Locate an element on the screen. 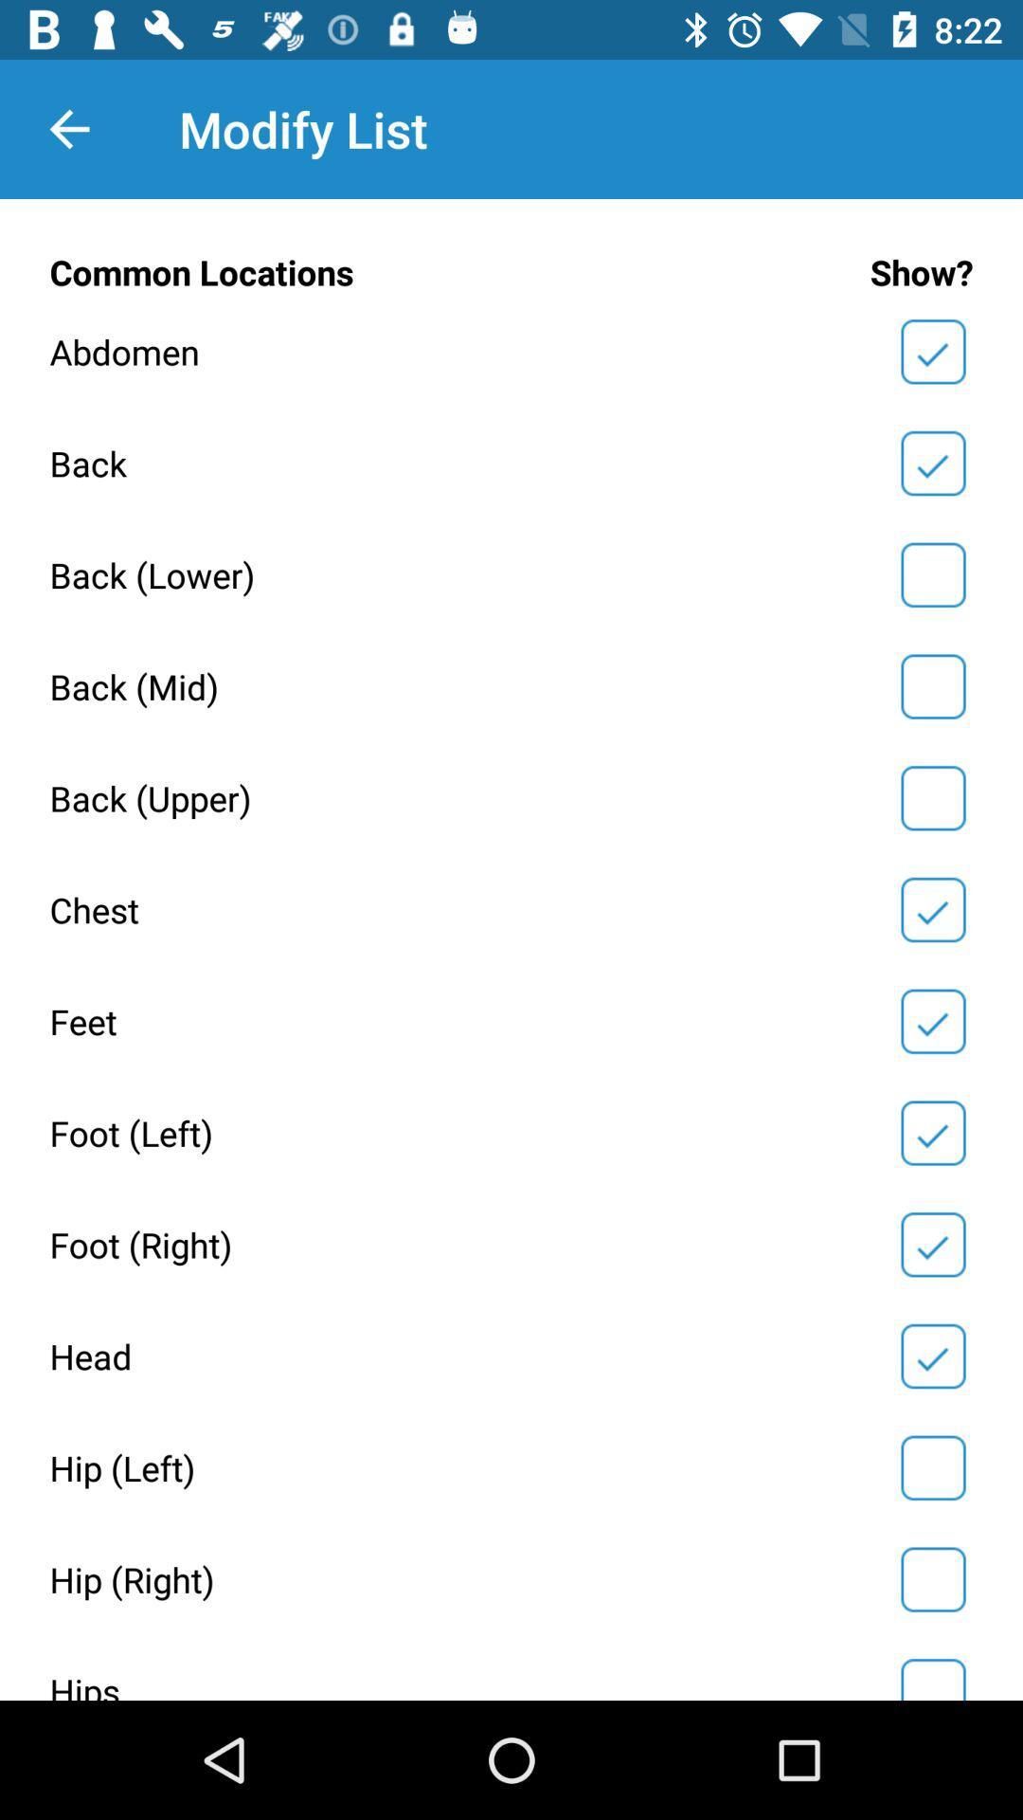  show chest is located at coordinates (932, 910).